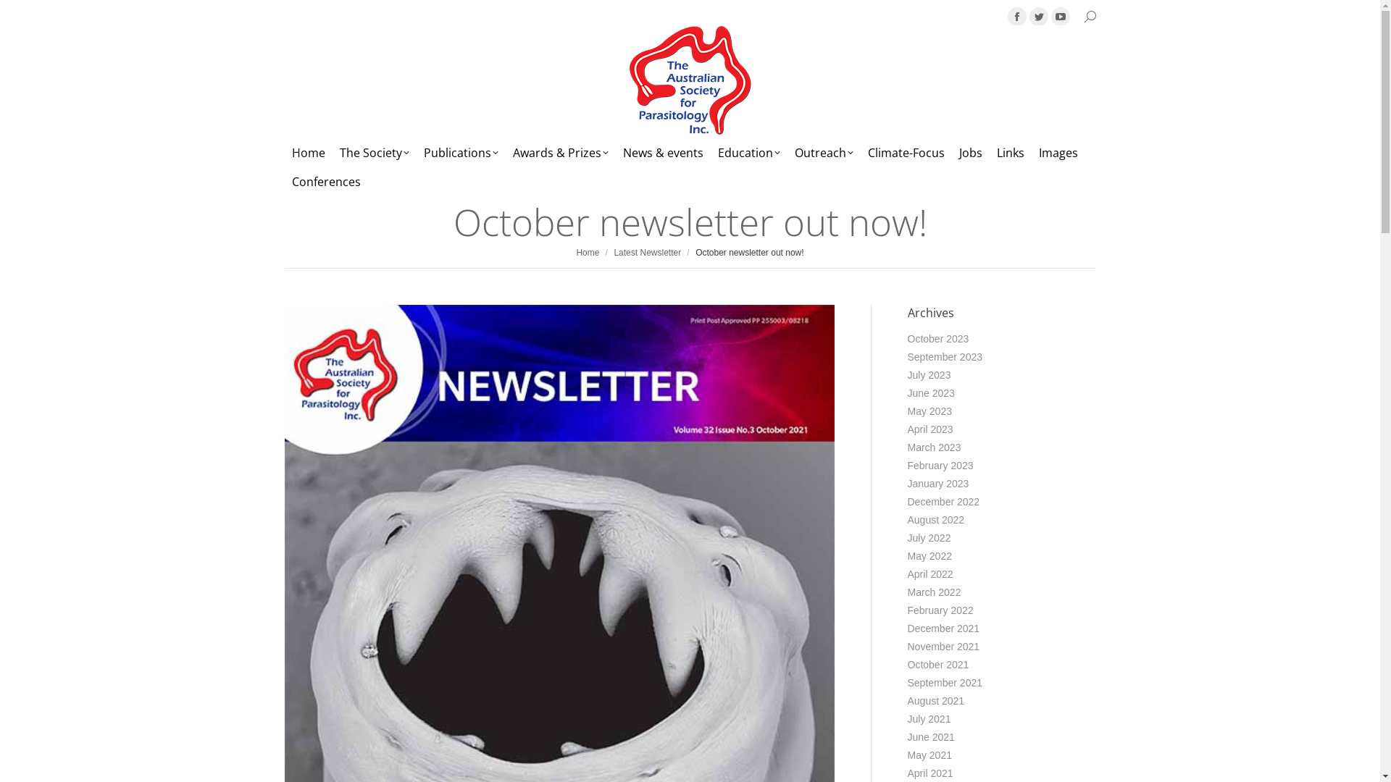 The width and height of the screenshot is (1391, 782). What do you see at coordinates (970, 153) in the screenshot?
I see `'Jobs'` at bounding box center [970, 153].